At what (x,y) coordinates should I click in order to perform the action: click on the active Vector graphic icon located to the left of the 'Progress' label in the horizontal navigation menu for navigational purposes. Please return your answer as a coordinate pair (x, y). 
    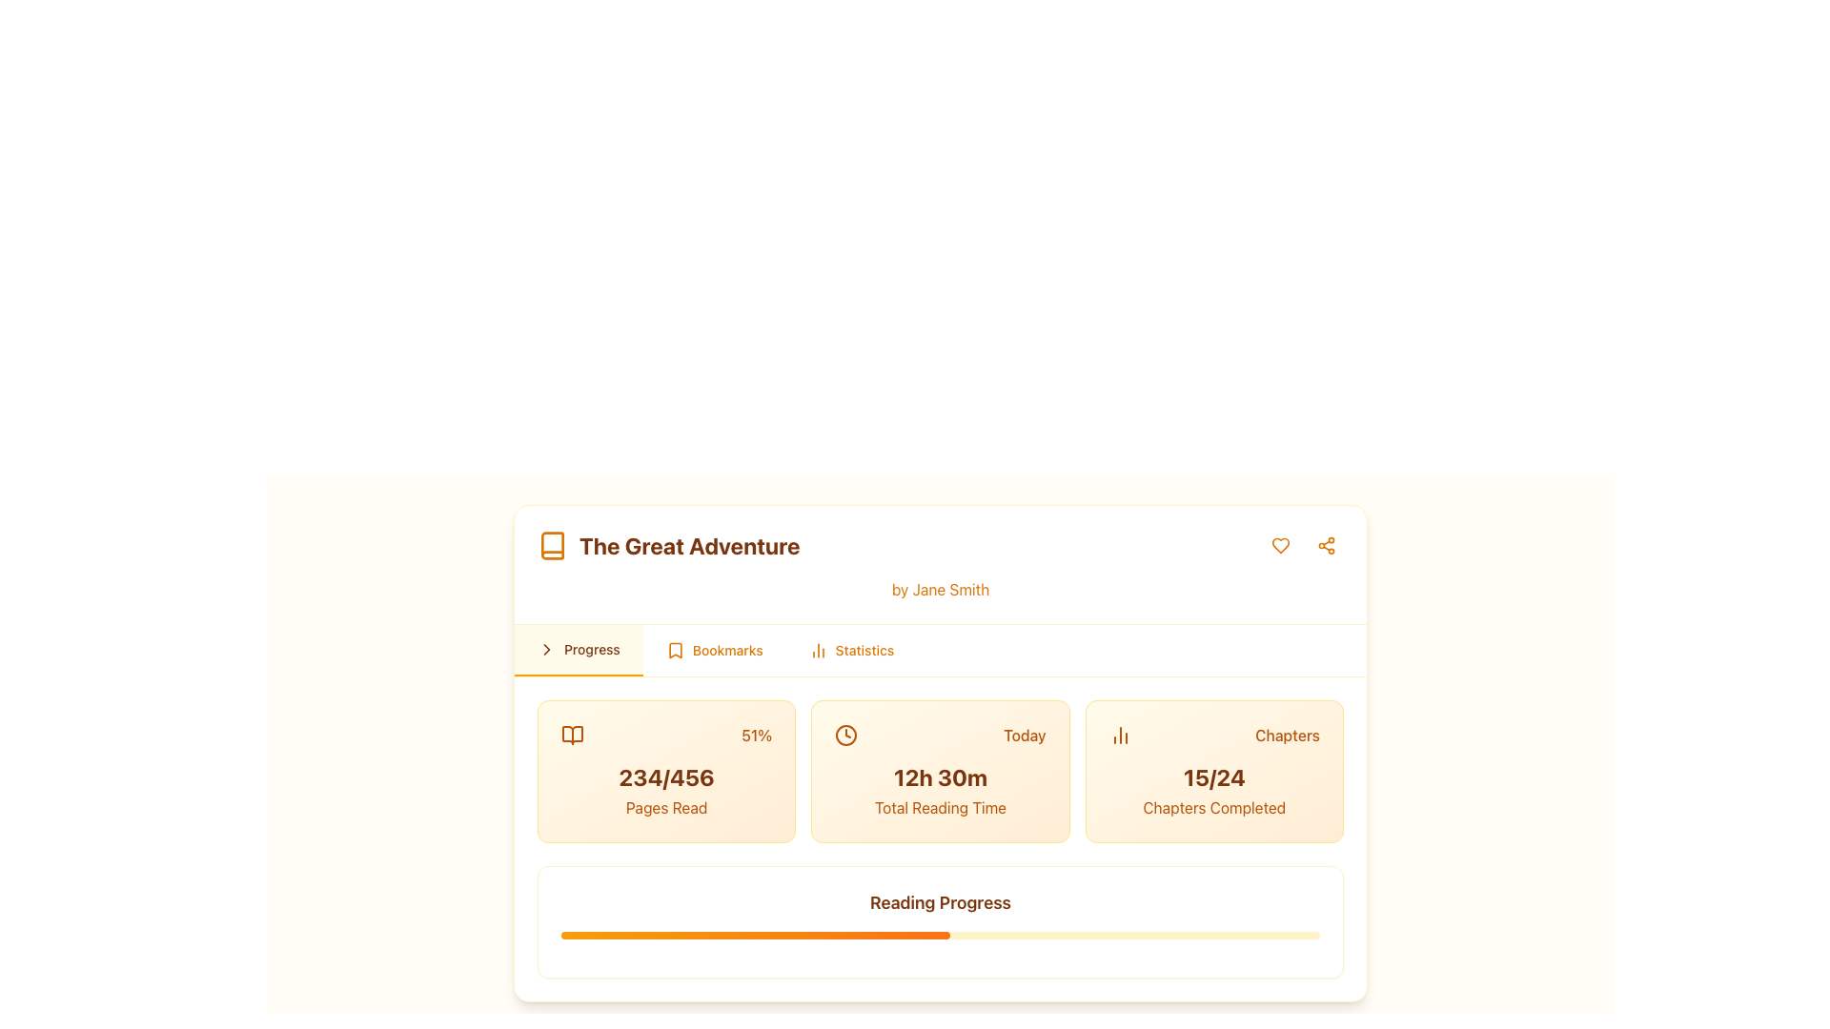
    Looking at the image, I should click on (546, 649).